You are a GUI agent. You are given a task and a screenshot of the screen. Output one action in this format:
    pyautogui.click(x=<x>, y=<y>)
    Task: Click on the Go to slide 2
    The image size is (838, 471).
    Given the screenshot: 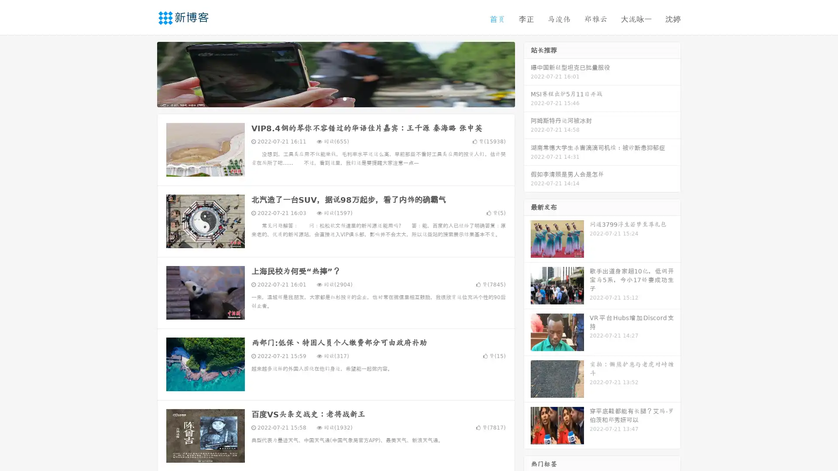 What is the action you would take?
    pyautogui.click(x=335, y=98)
    